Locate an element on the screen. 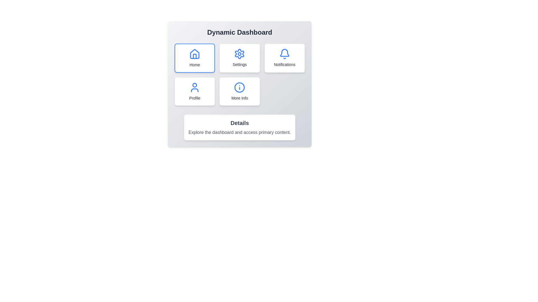  the notifications button, which is the third item in the top row of the grid structure, to trigger a visual effect is located at coordinates (284, 58).